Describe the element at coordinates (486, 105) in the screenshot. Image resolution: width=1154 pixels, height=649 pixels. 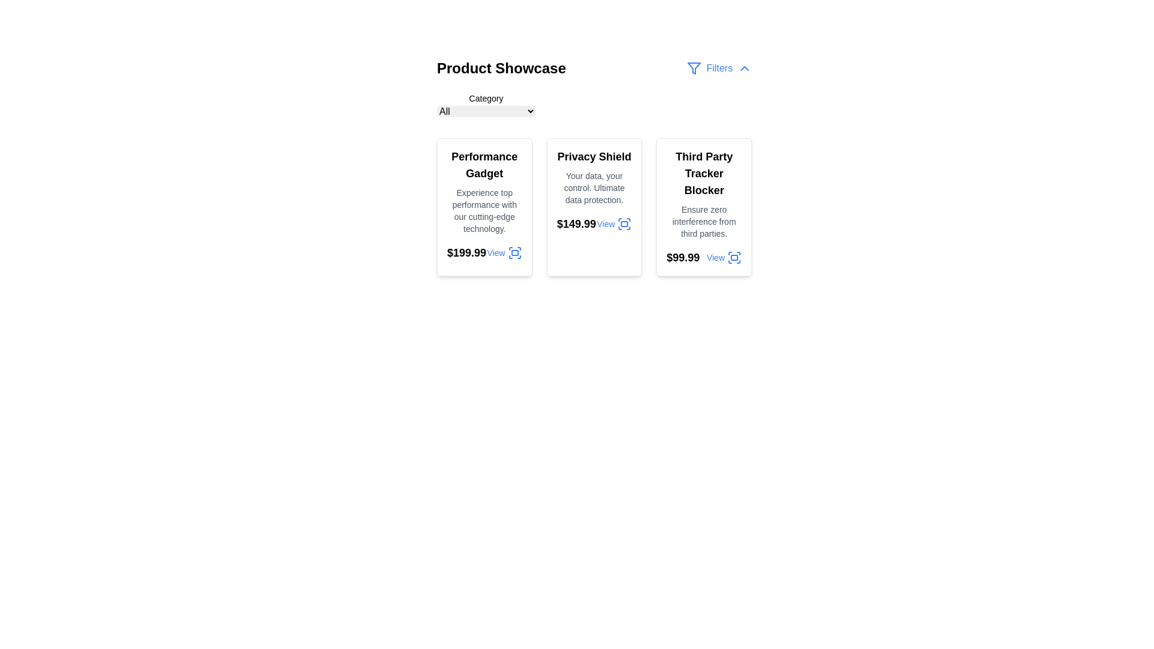
I see `an option from the dropdown menu labeled 'Category' which currently displays 'All' as the selected option` at that location.